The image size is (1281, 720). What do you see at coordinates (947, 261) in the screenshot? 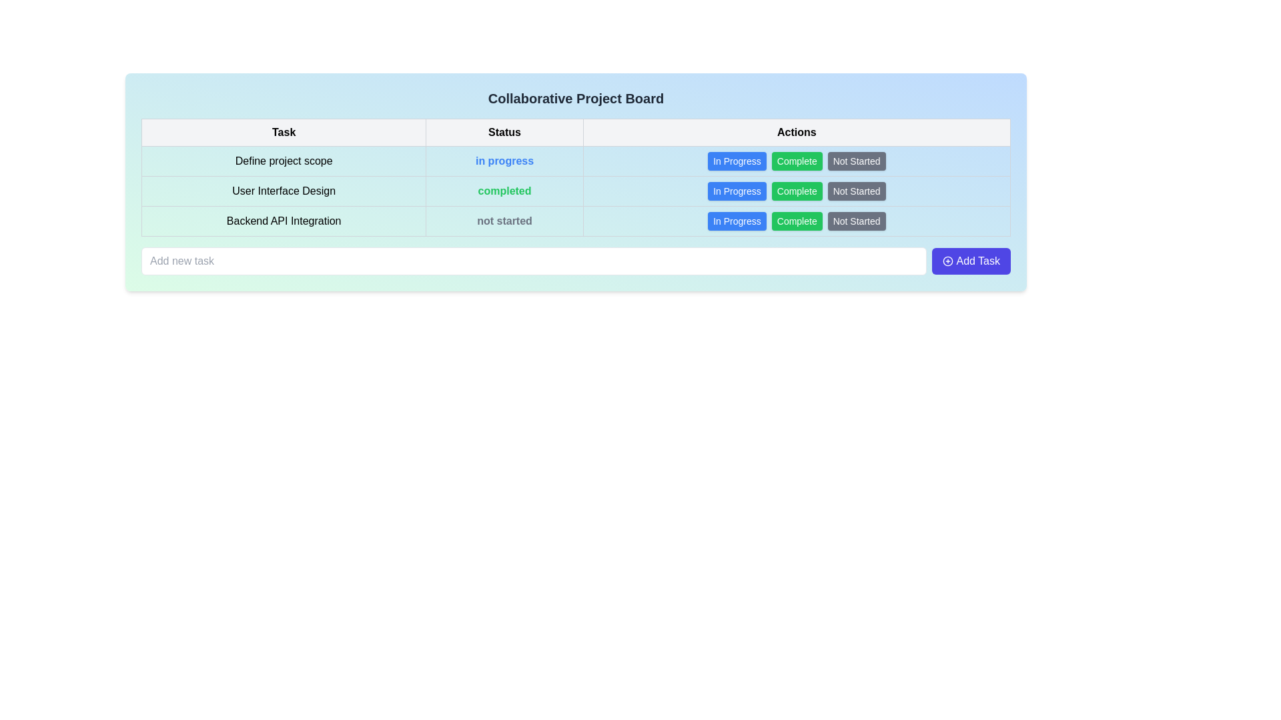
I see `the circular icon component of the 'Add Task' button located at the bottom right corner of the interface` at bounding box center [947, 261].